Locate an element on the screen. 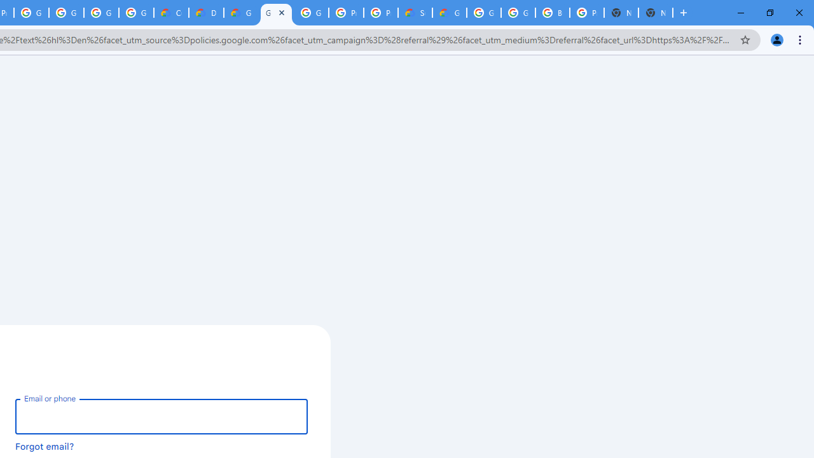  'Gemini for Business and Developers | Google Cloud' is located at coordinates (241, 13).